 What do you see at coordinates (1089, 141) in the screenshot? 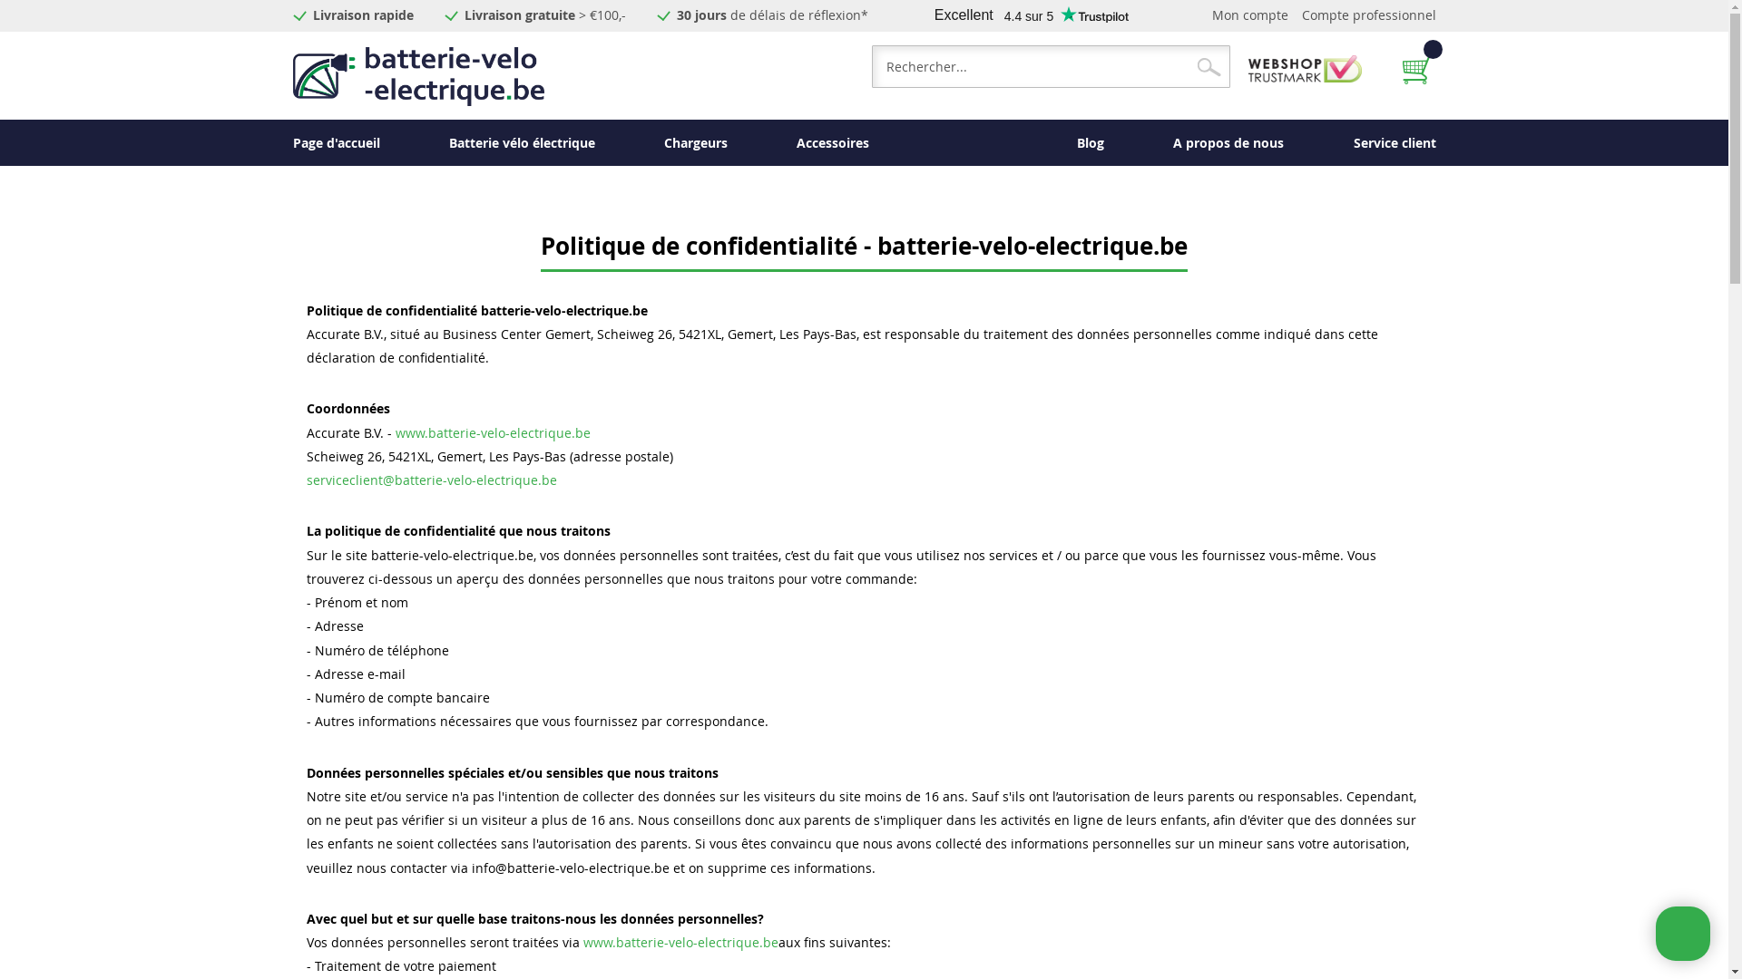
I see `'Blog'` at bounding box center [1089, 141].